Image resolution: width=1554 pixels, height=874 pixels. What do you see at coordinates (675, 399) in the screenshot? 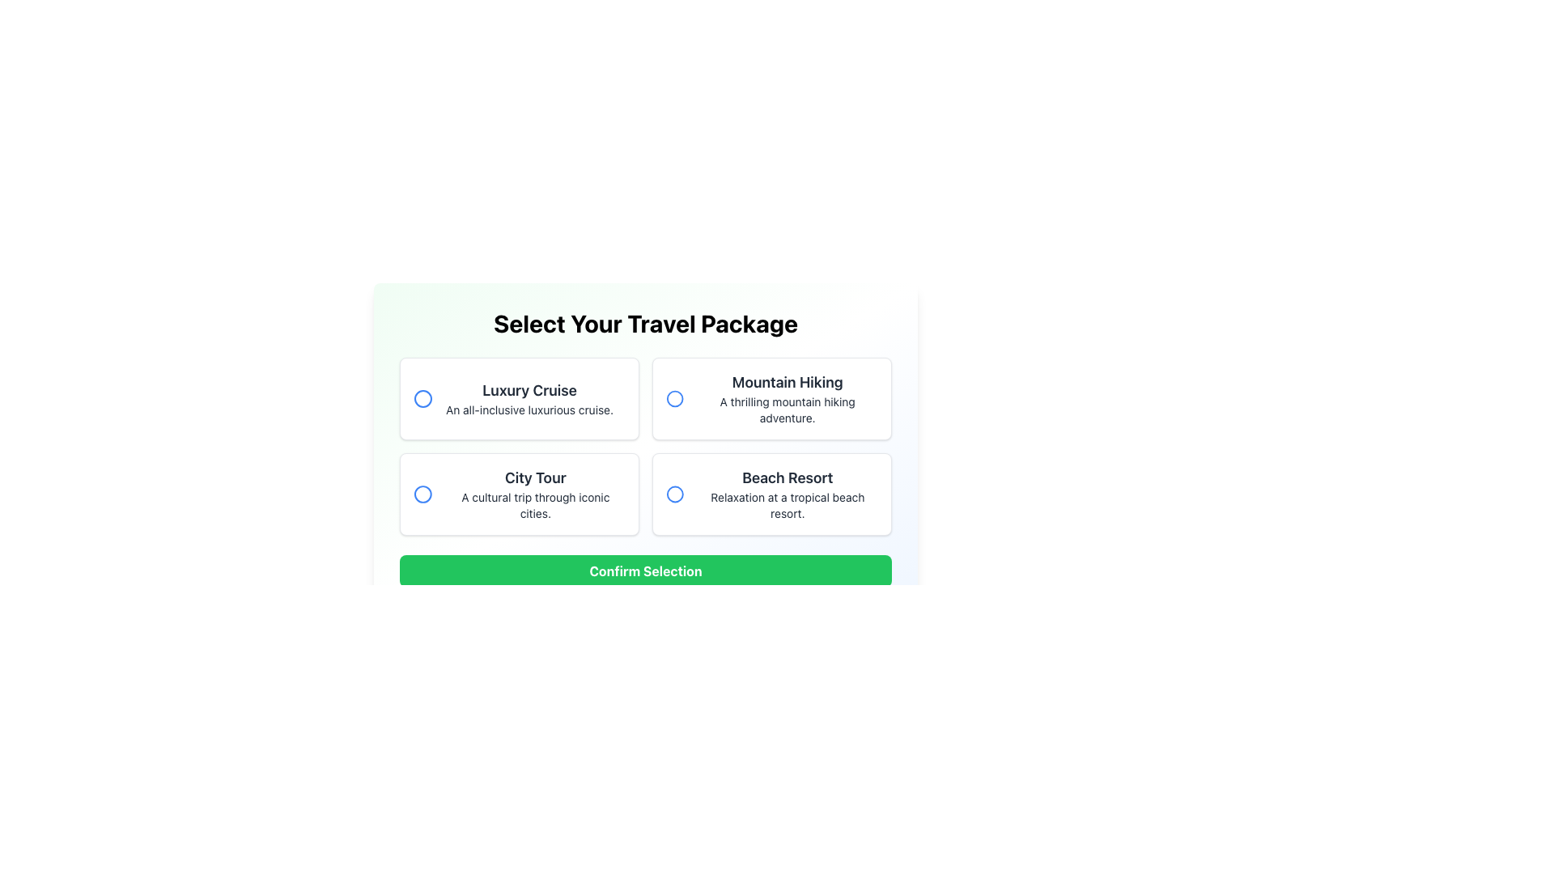
I see `the Radio Button Indicator for 'Mountain Hiking'` at bounding box center [675, 399].